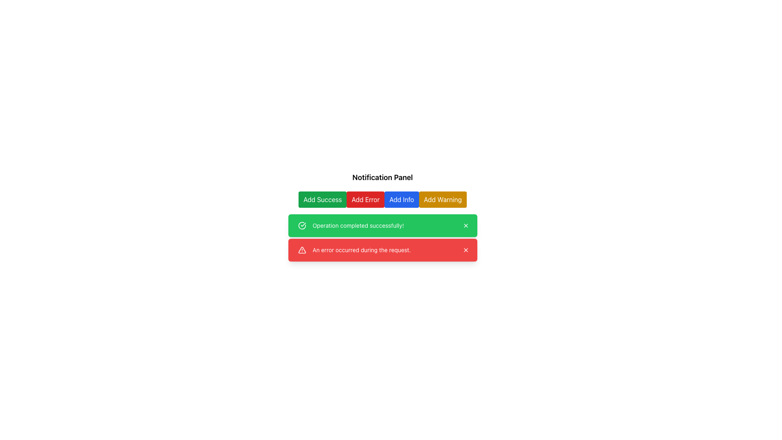 This screenshot has height=440, width=782. Describe the element at coordinates (301, 226) in the screenshot. I see `the confirmation icon located on the left side of the green notification banner indicating success, adjacent to the text 'Operation completed successfully!'` at that location.